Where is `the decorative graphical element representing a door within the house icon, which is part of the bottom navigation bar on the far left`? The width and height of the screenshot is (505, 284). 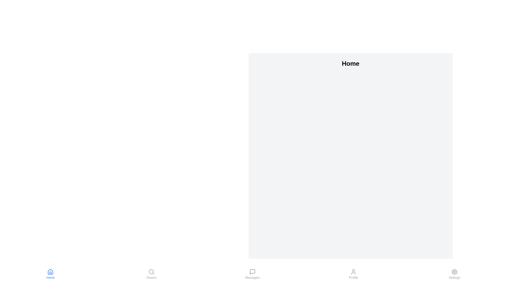 the decorative graphical element representing a door within the house icon, which is part of the bottom navigation bar on the far left is located at coordinates (50, 272).